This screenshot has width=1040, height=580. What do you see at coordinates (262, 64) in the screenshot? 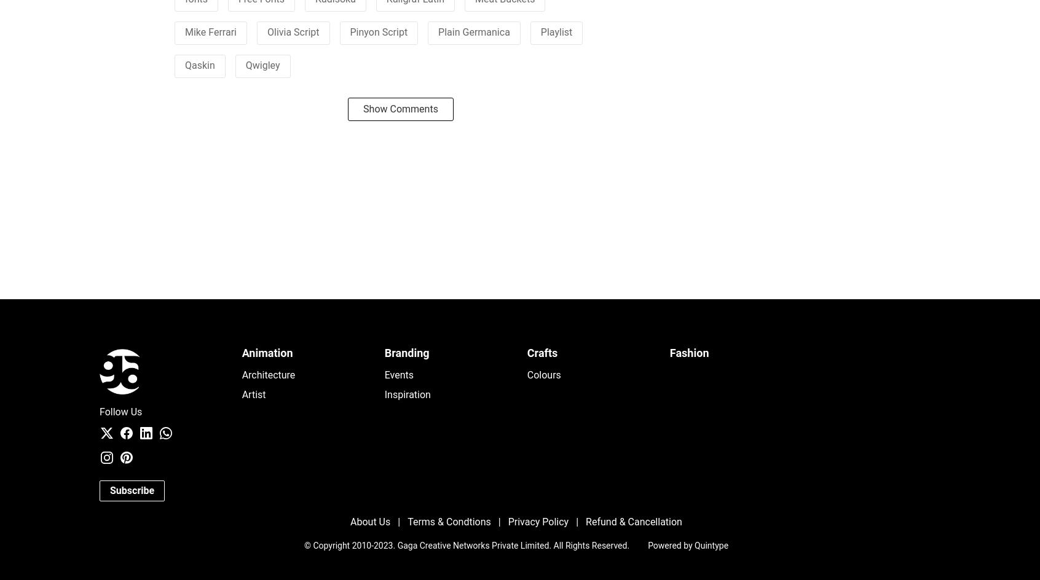
I see `'Qwigley'` at bounding box center [262, 64].